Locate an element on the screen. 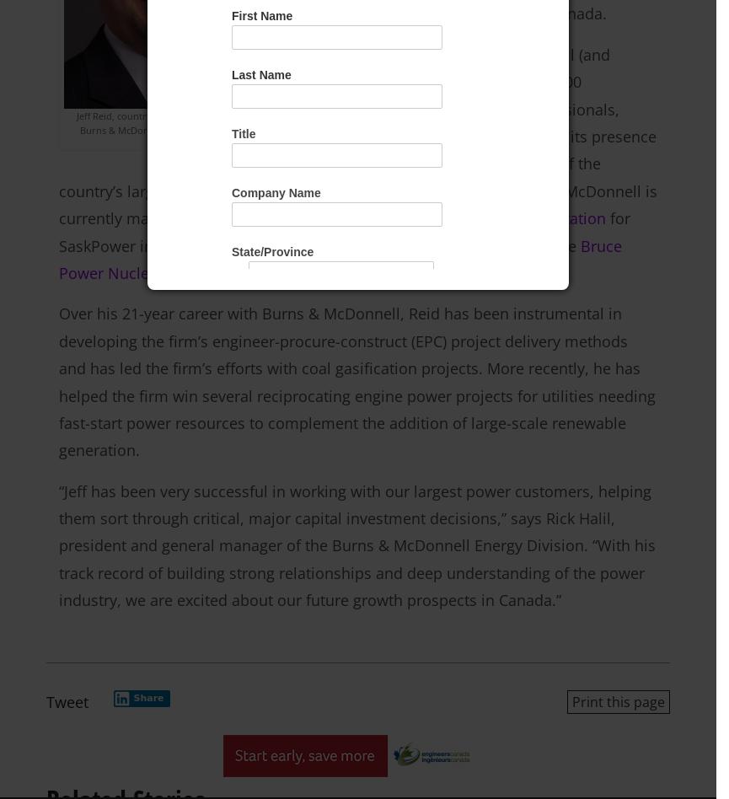  'Jeff Reid, country director – Canada, Burns & McDonnell Energy Group.' is located at coordinates (155, 121).